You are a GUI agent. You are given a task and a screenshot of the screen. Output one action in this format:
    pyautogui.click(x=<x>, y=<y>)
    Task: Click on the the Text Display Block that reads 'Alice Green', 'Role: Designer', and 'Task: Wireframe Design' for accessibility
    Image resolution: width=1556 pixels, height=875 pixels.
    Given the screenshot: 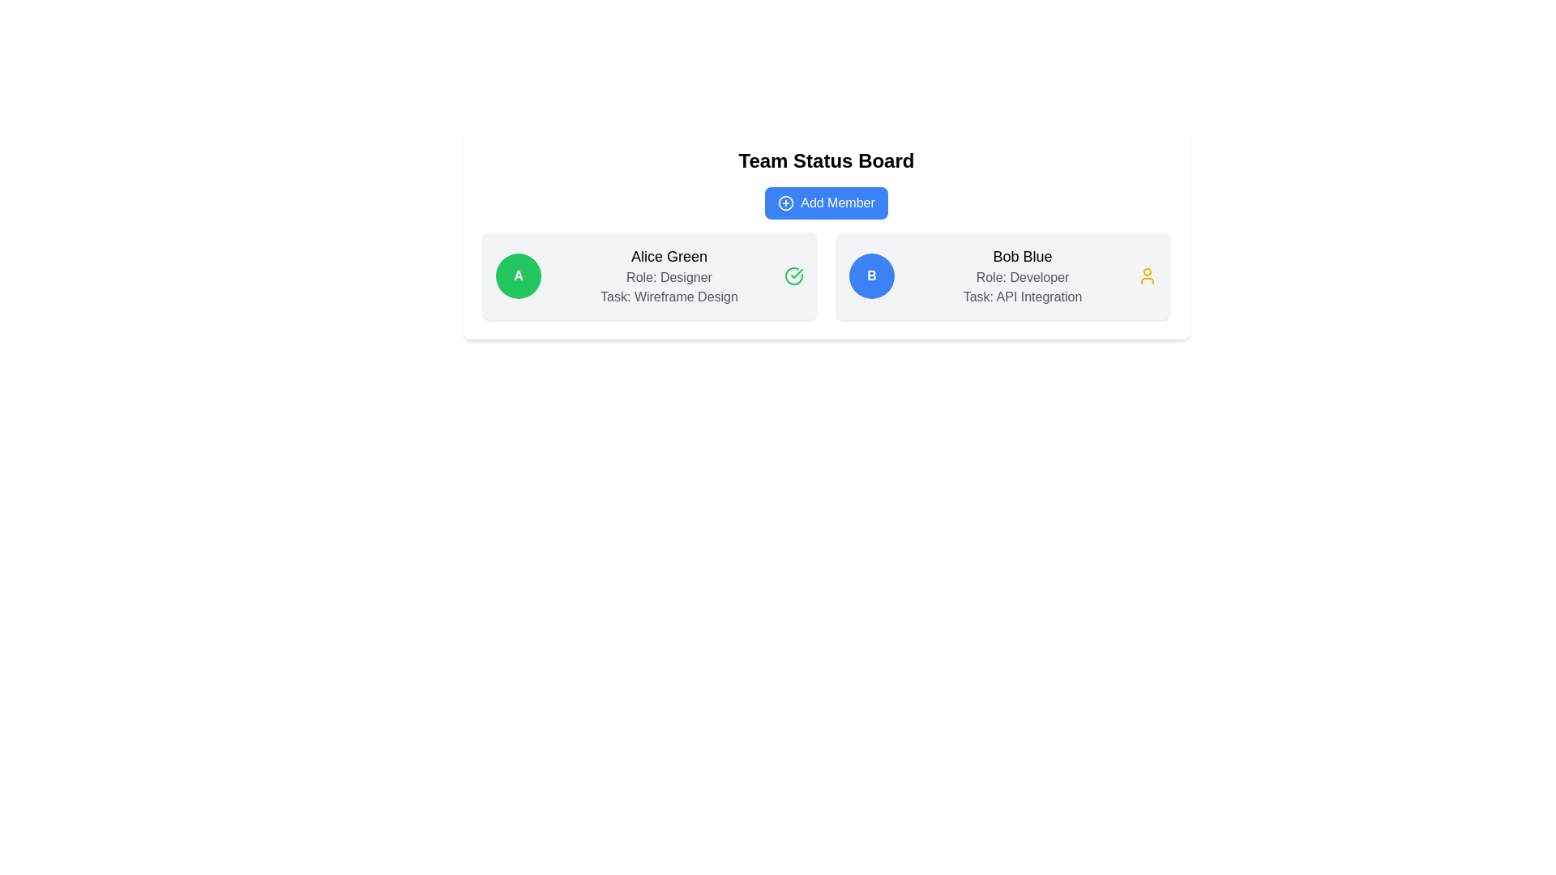 What is the action you would take?
    pyautogui.click(x=669, y=275)
    